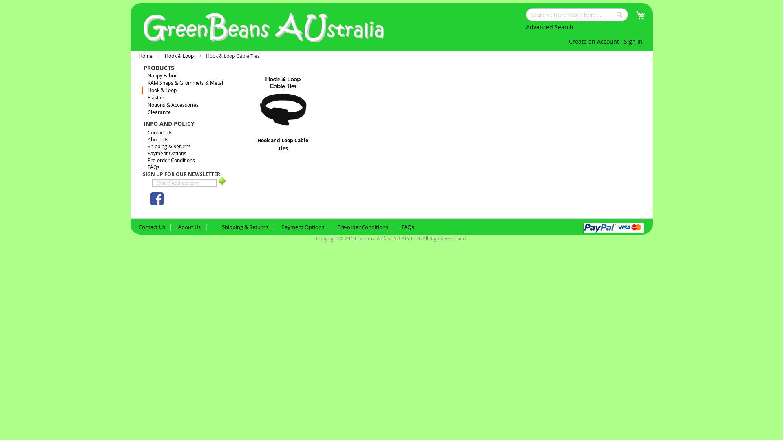 Image resolution: width=783 pixels, height=440 pixels. Describe the element at coordinates (153, 166) in the screenshot. I see `'FAQs'` at that location.